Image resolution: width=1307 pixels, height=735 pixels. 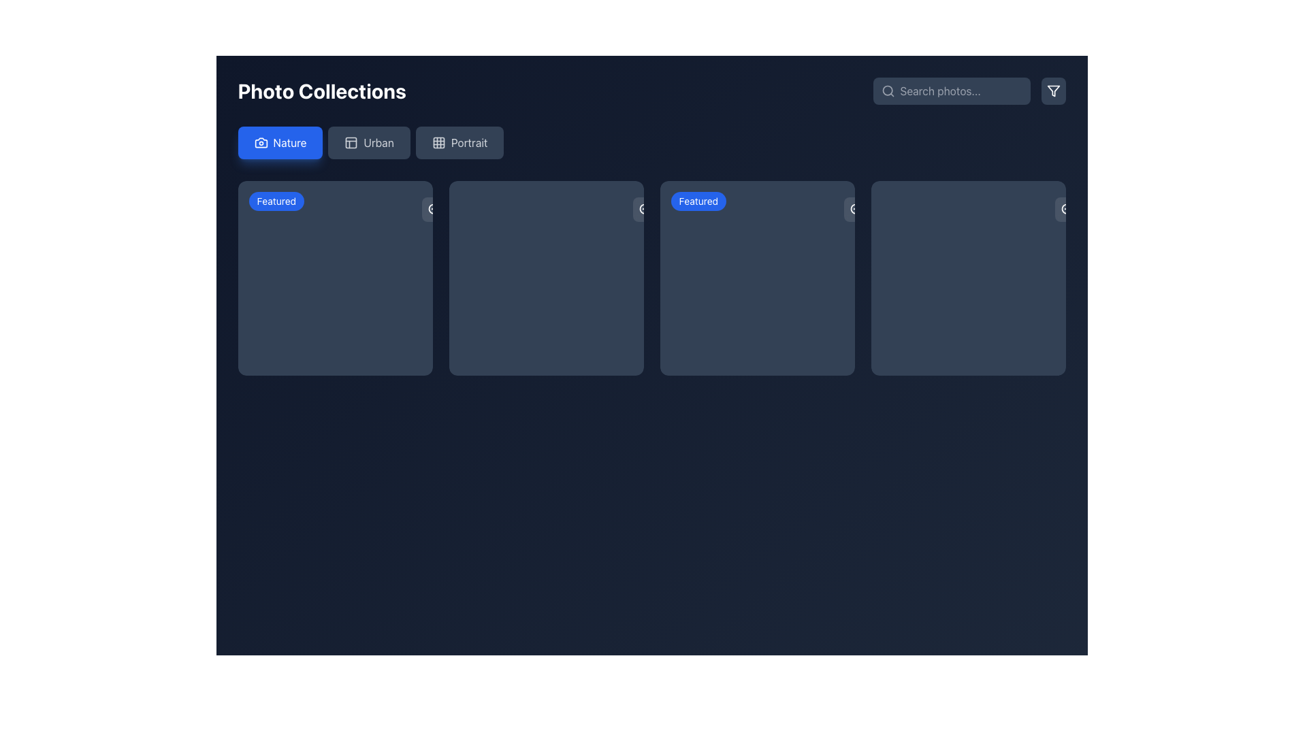 What do you see at coordinates (681, 207) in the screenshot?
I see `the 'Featured' badge located in the top-right corner of the second photo card from the left in a grid layout` at bounding box center [681, 207].